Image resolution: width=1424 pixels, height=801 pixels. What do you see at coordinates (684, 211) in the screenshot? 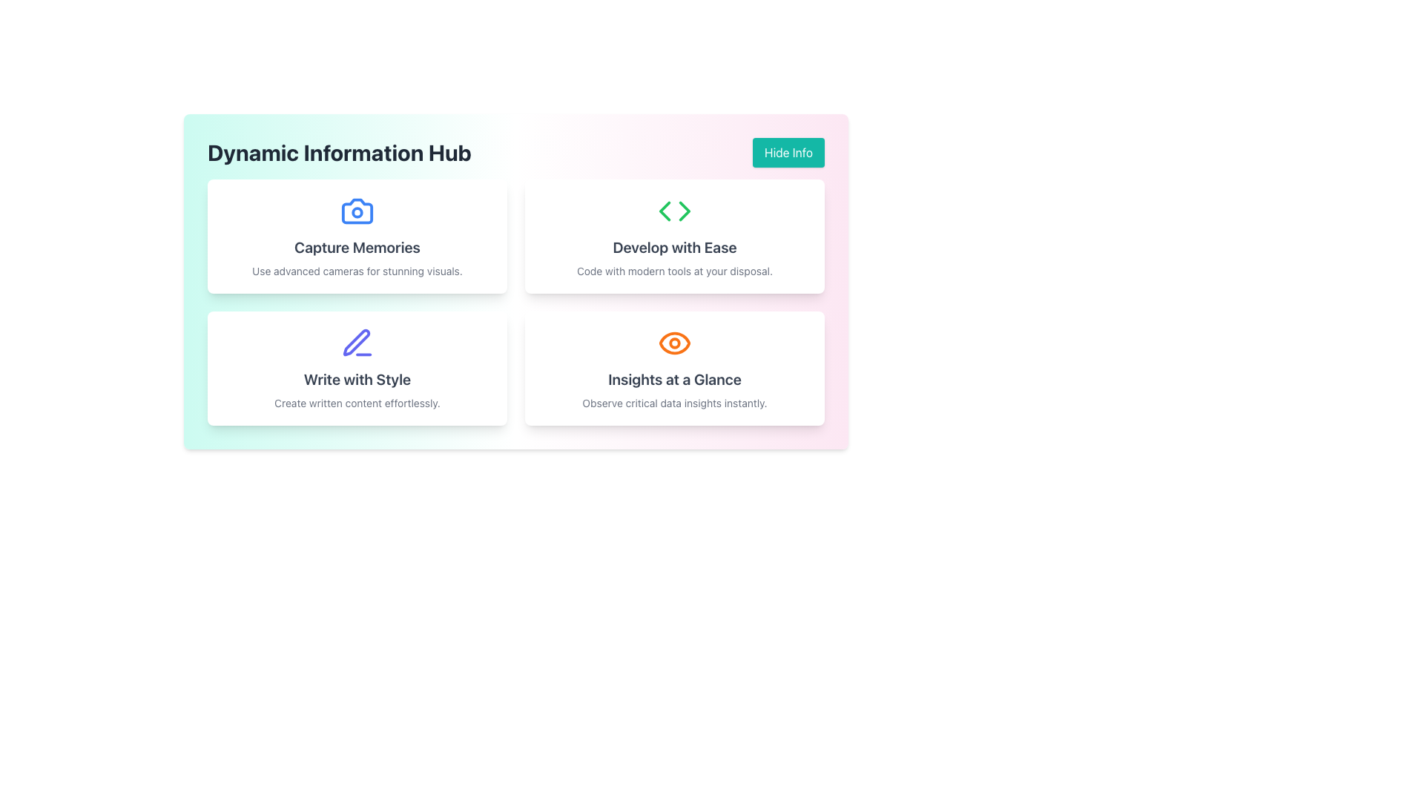
I see `the green right arrow icon, which is part of the 'Develop with Ease' section and positioned to the right of the left arrow` at bounding box center [684, 211].